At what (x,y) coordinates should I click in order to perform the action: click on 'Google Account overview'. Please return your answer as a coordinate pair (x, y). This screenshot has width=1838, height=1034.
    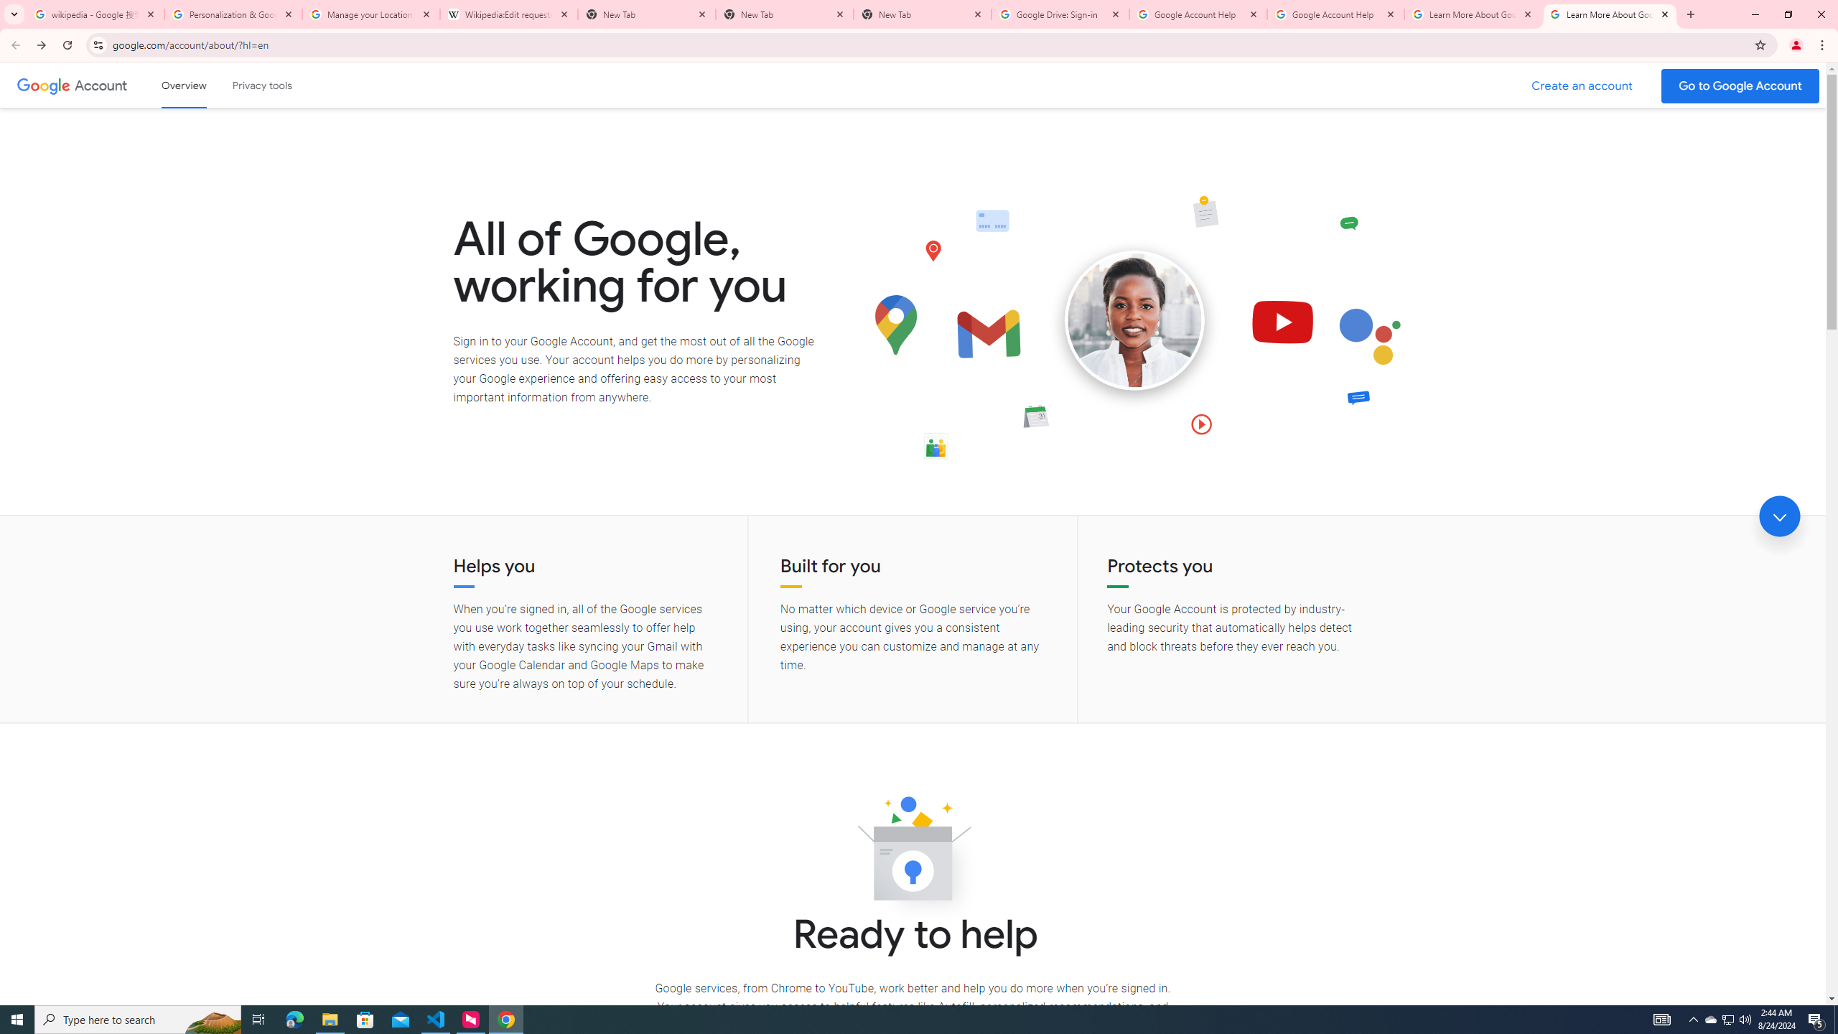
    Looking at the image, I should click on (184, 85).